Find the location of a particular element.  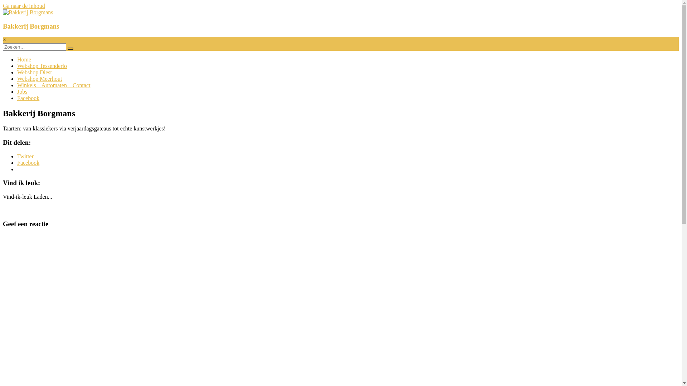

'Webshop Tessenderlo' is located at coordinates (42, 66).